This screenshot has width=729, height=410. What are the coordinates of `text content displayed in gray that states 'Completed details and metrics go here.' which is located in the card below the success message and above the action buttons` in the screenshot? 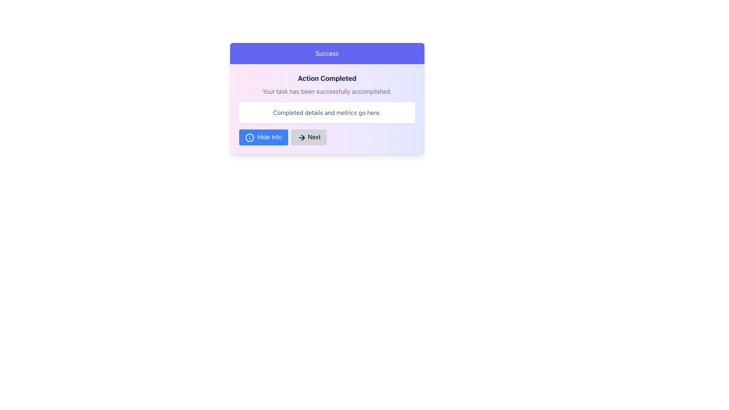 It's located at (327, 113).